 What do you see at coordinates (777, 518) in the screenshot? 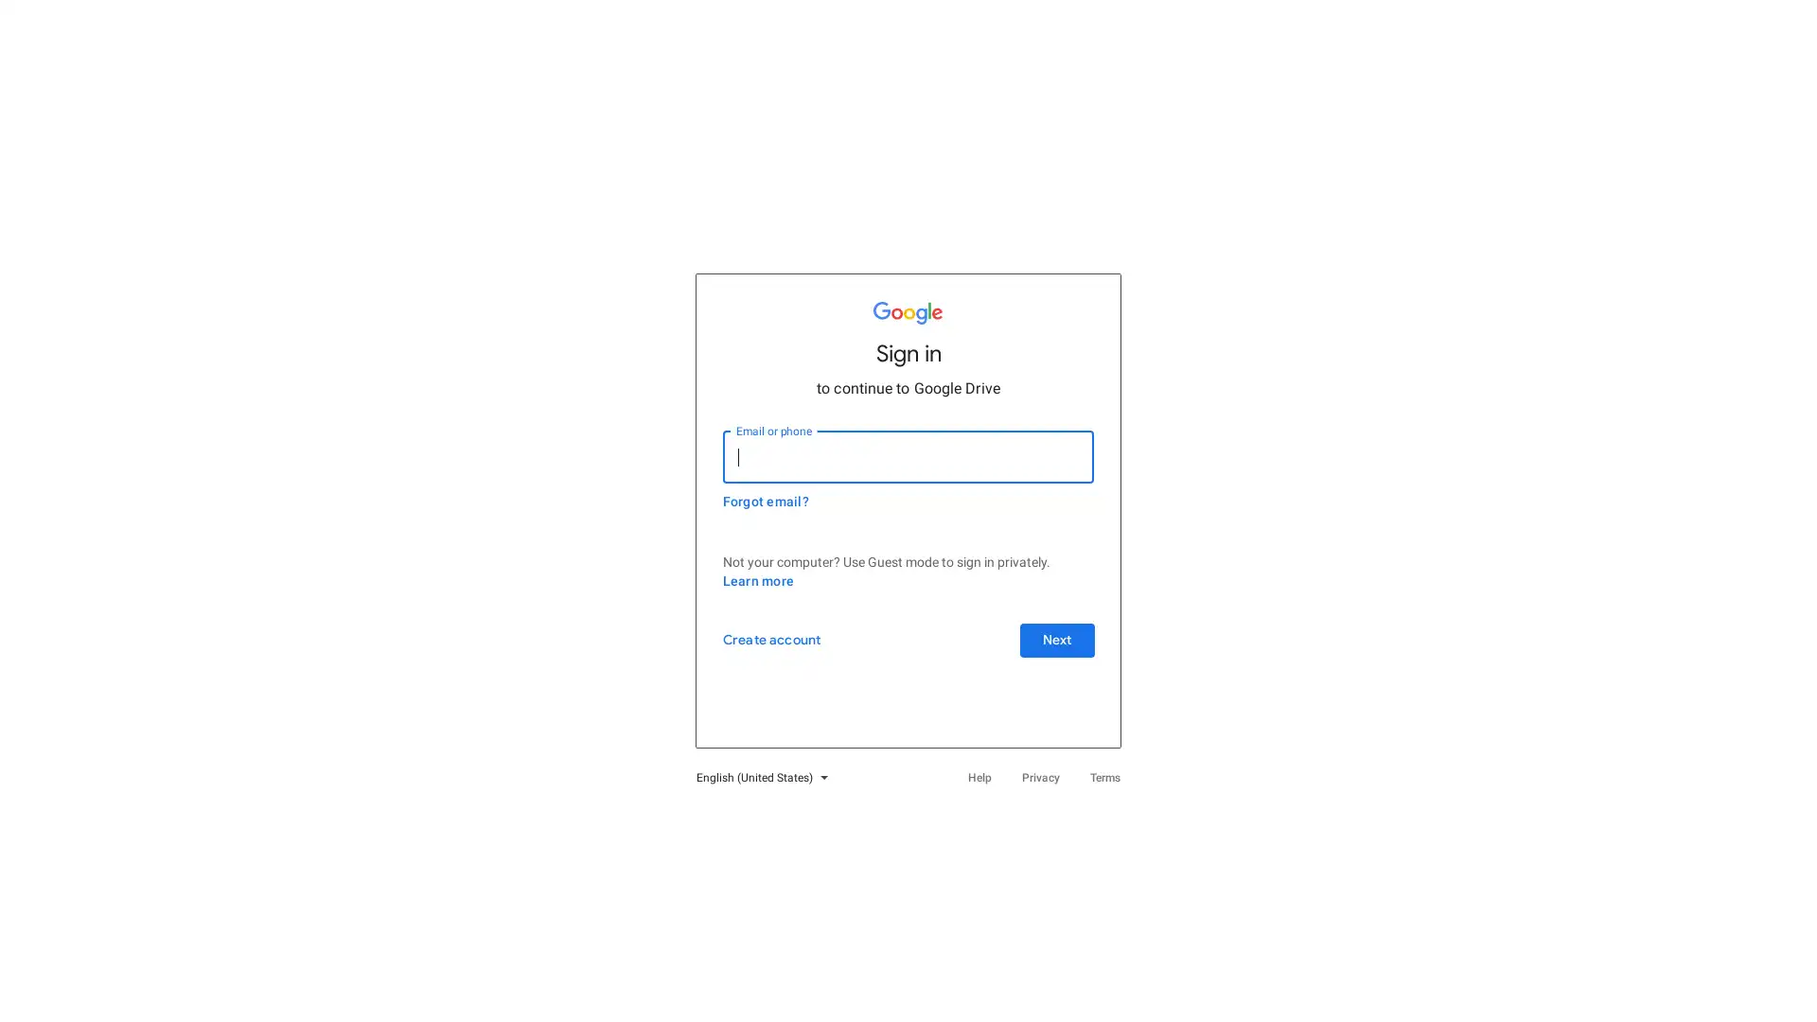
I see `Forgot email?` at bounding box center [777, 518].